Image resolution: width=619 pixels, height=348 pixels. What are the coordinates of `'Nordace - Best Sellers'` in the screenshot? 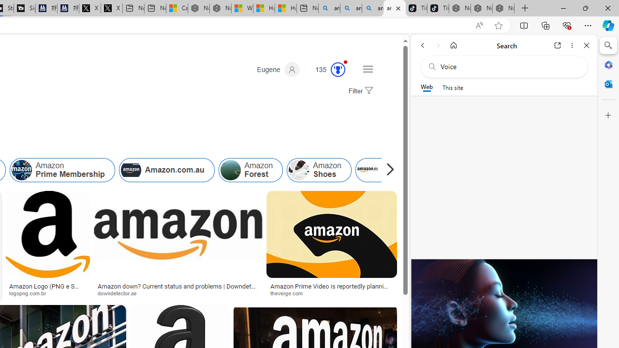 It's located at (459, 8).